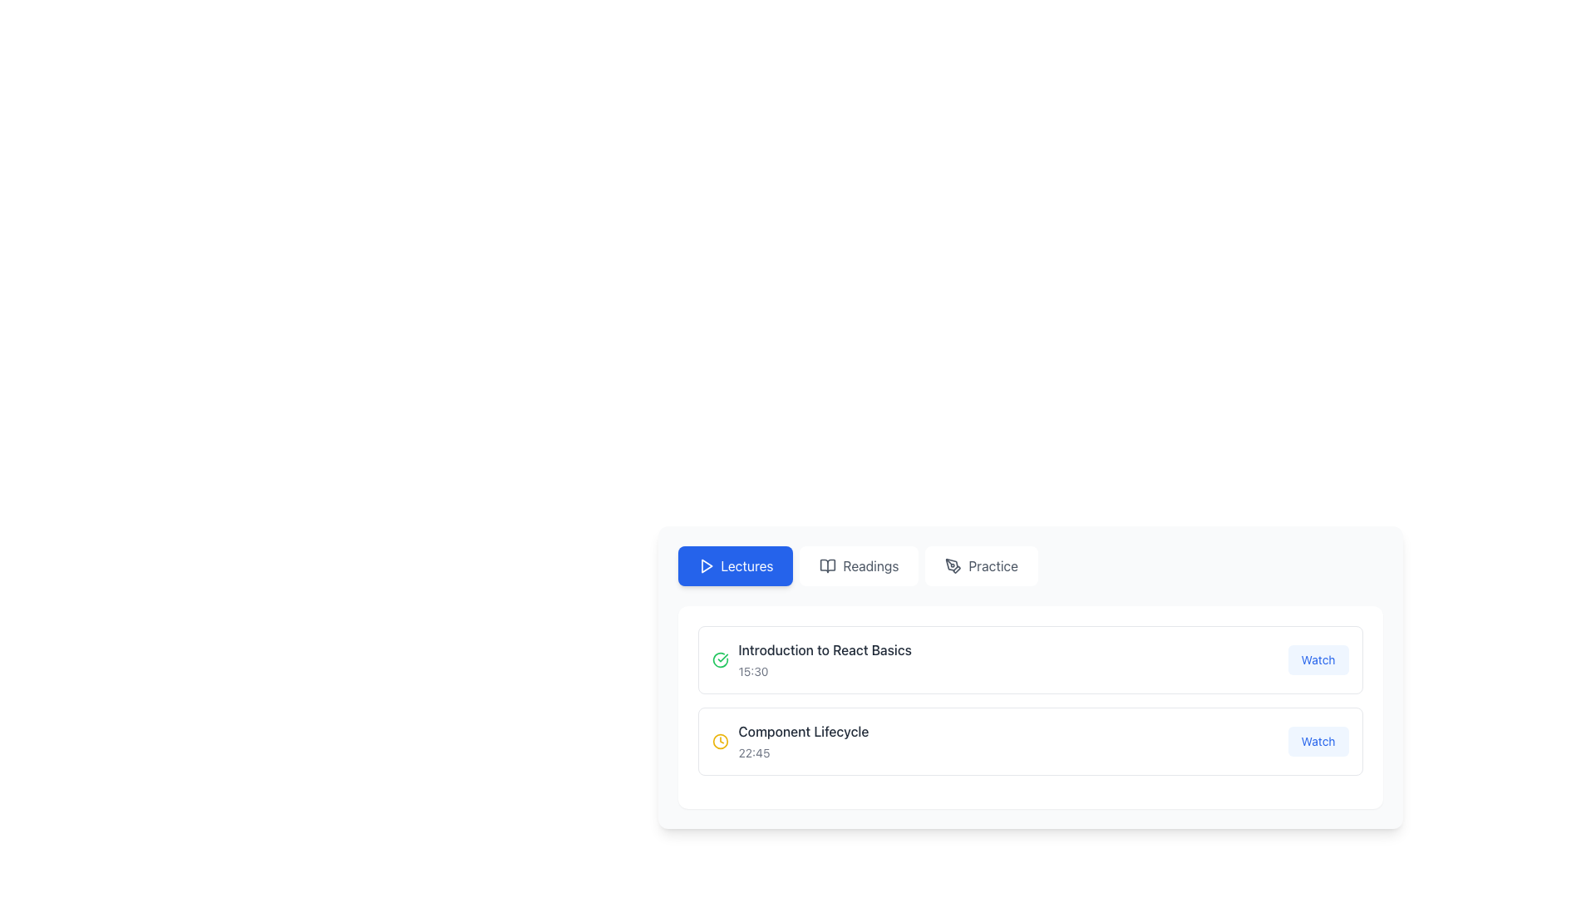 Image resolution: width=1596 pixels, height=898 pixels. What do you see at coordinates (706, 565) in the screenshot?
I see `the 'play' icon located to the left of the 'Lectures' button, which indicates video content` at bounding box center [706, 565].